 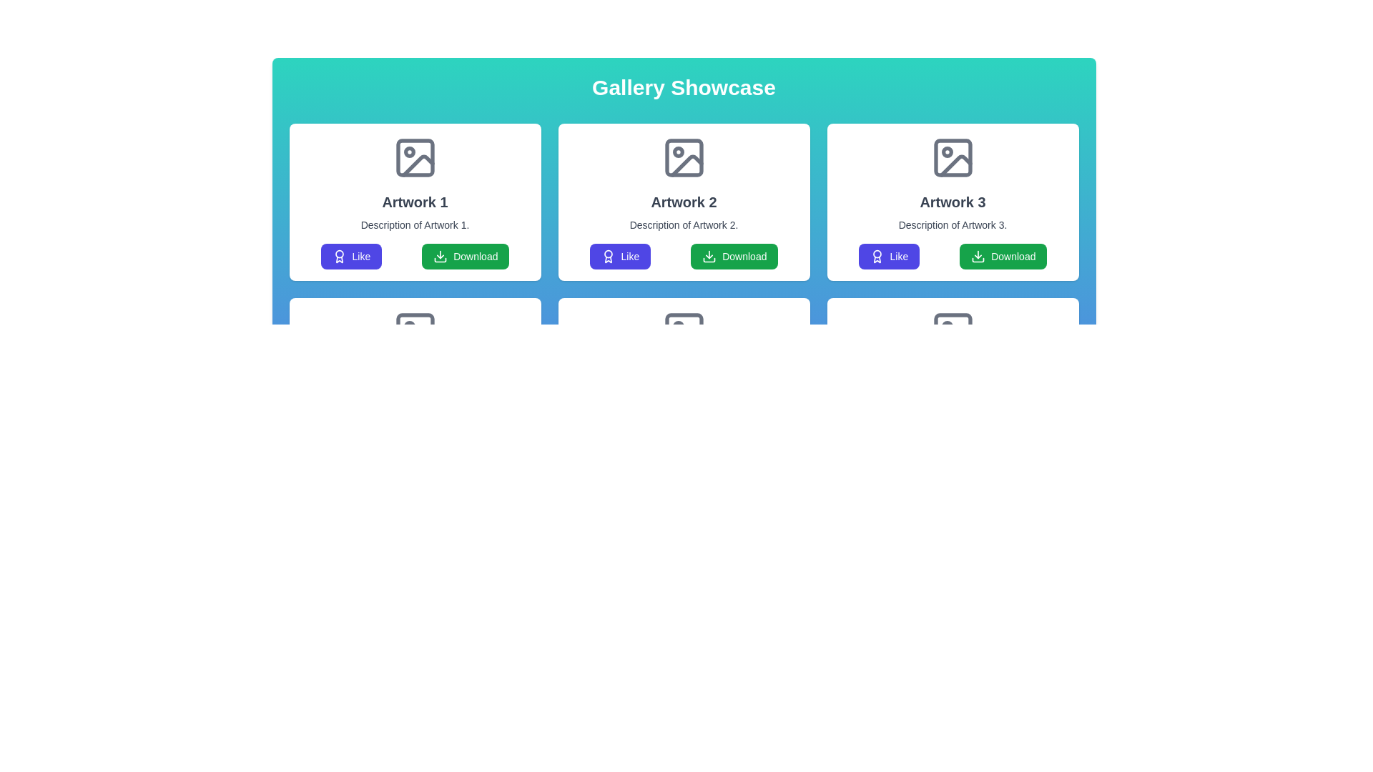 I want to click on the gray landscape image icon representing a photo, located on the card labeled 'Artwork 3' in the gallery grid, so click(x=953, y=157).